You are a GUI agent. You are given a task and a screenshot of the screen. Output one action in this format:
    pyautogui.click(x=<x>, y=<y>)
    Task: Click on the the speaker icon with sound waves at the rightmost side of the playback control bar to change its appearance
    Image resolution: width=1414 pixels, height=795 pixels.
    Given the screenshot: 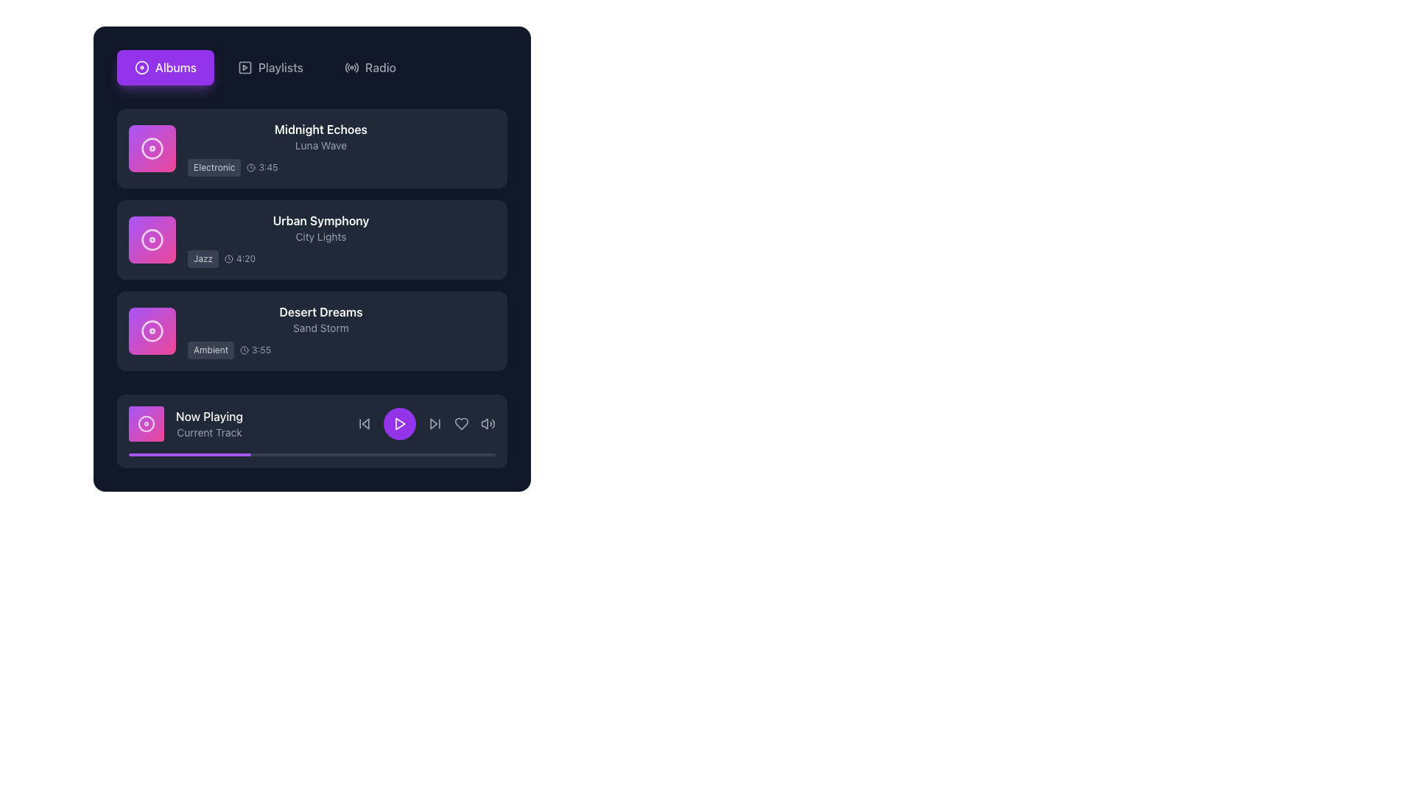 What is the action you would take?
    pyautogui.click(x=488, y=423)
    